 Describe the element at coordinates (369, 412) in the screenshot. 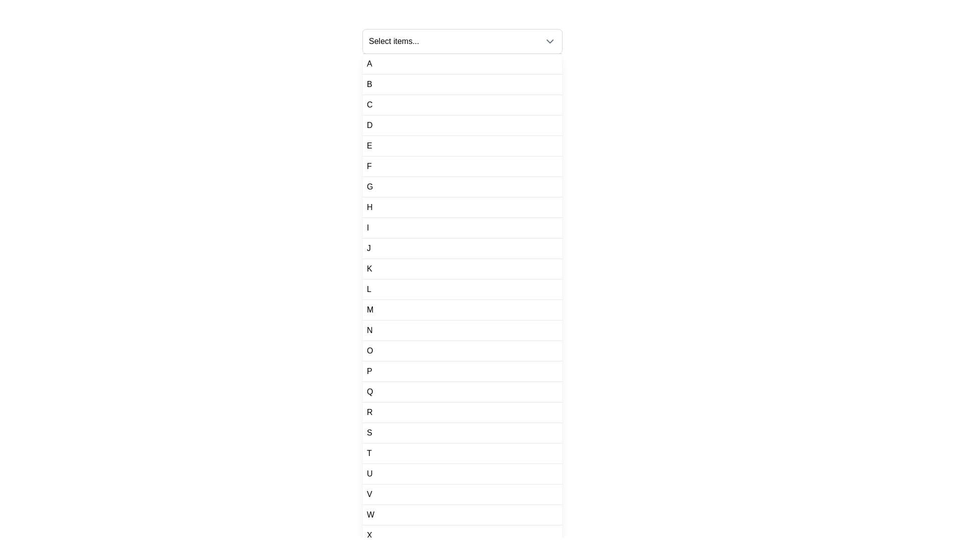

I see `the standalone character 'R' styled in black over a white background` at that location.